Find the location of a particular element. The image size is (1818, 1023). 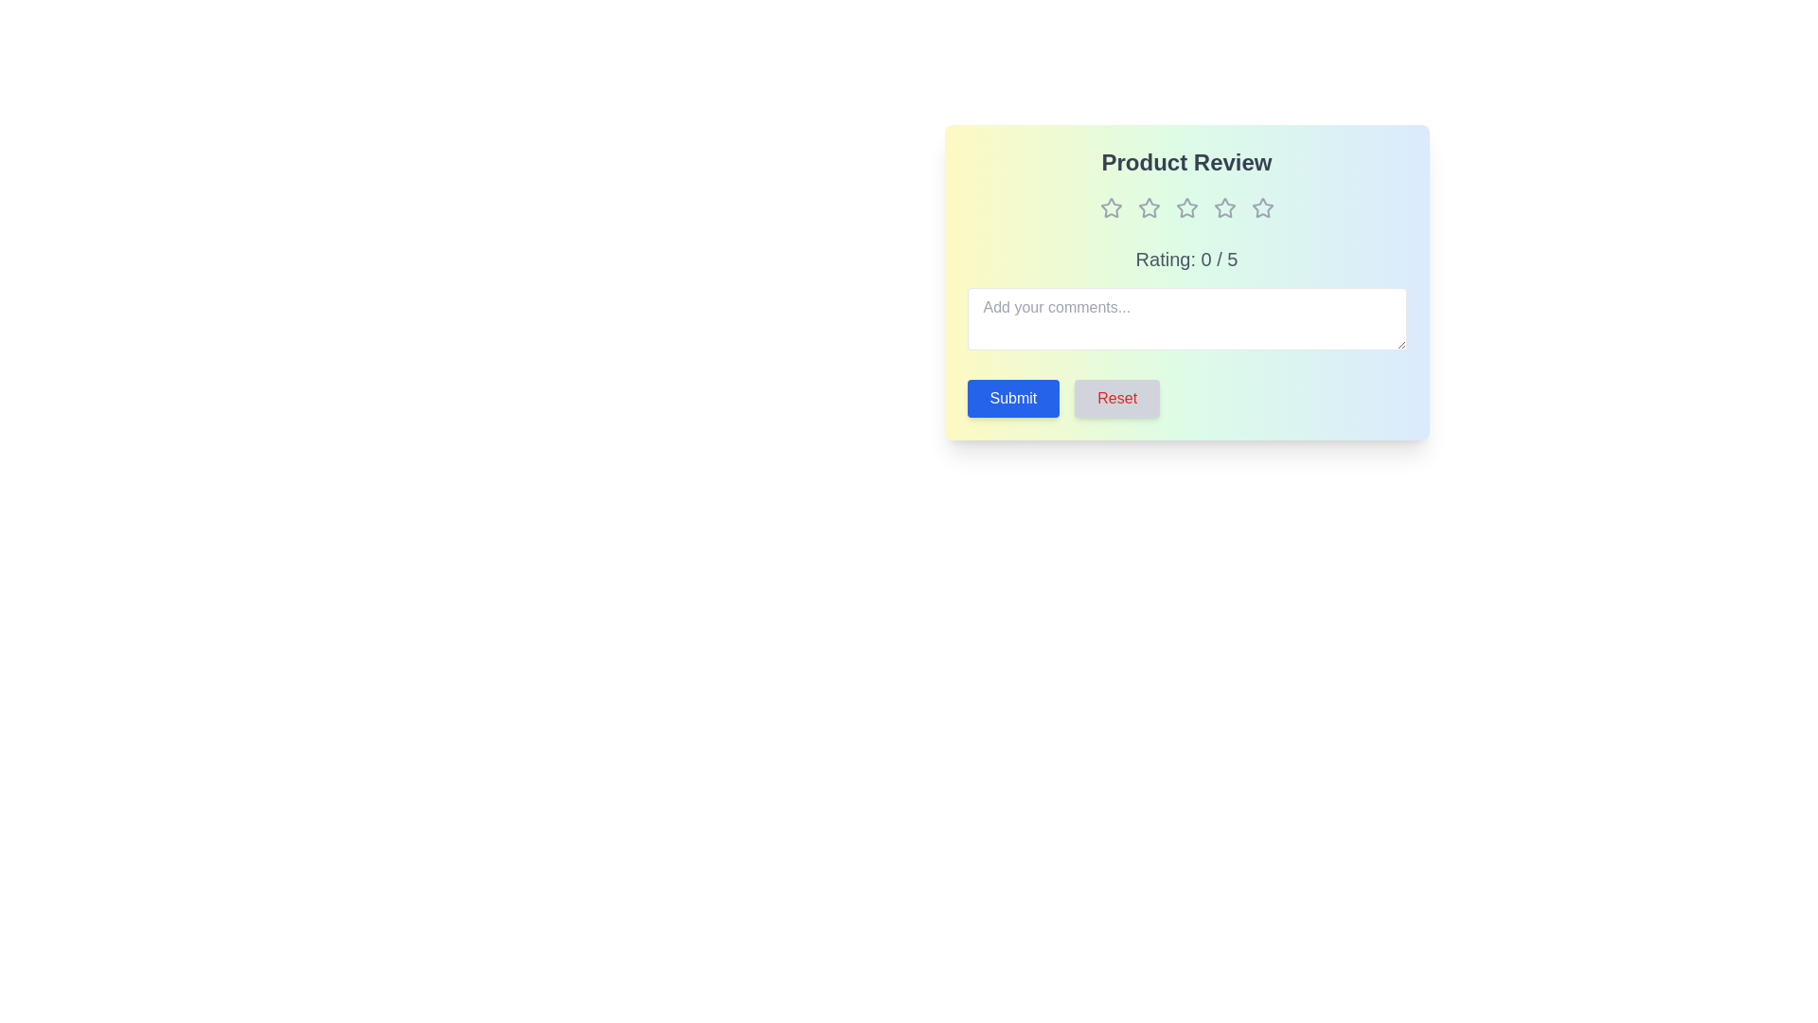

the Reset button to clear the form is located at coordinates (1117, 397).